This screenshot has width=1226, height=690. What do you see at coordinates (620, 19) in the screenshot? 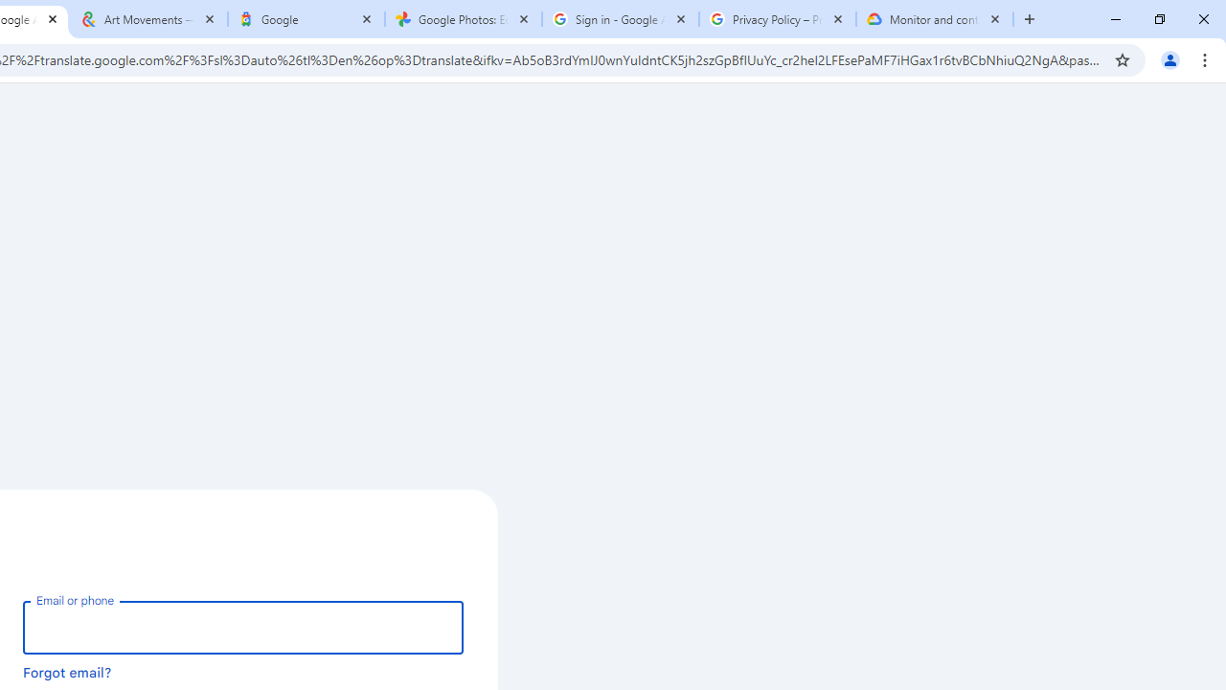
I see `'Sign in - Google Accounts'` at bounding box center [620, 19].